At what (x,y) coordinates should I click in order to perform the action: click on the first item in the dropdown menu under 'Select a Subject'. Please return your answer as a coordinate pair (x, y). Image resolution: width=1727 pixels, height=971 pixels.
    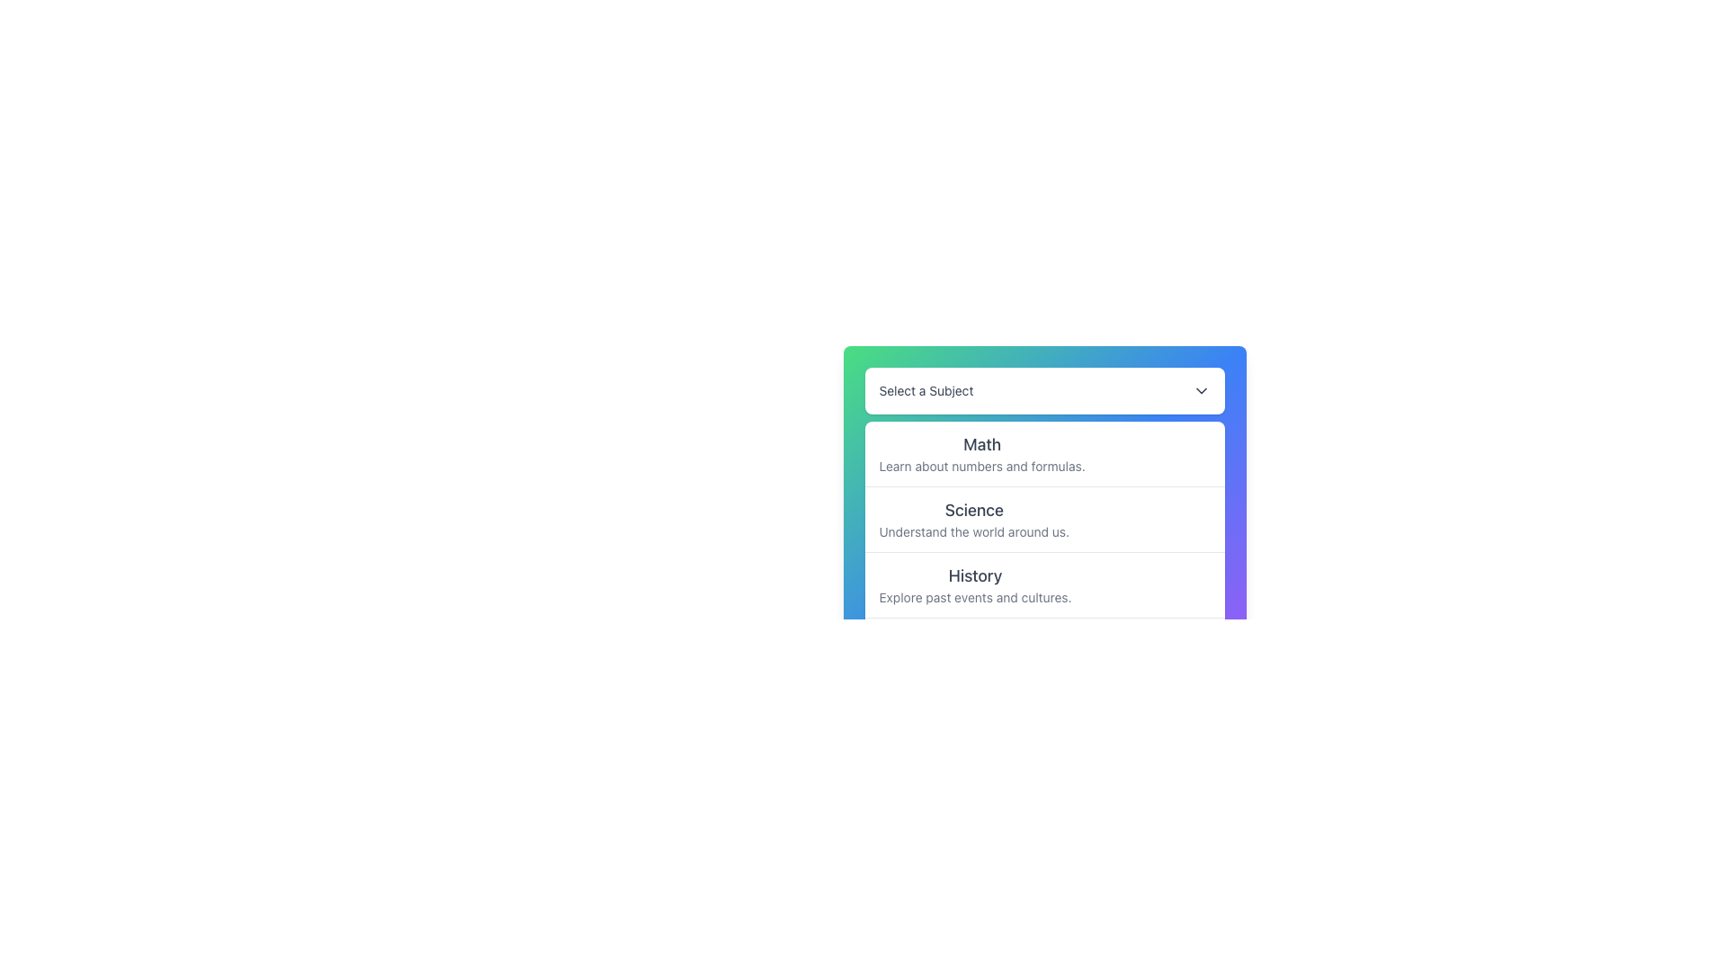
    Looking at the image, I should click on (1044, 453).